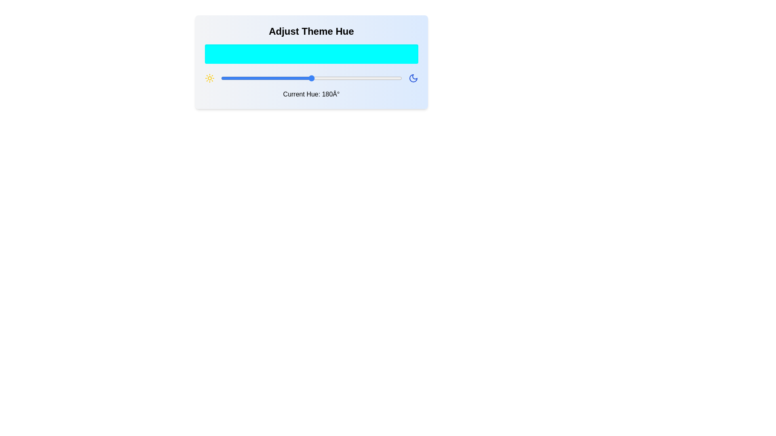 This screenshot has width=776, height=436. I want to click on the hue to 170 degrees by dragging the slider, so click(306, 78).